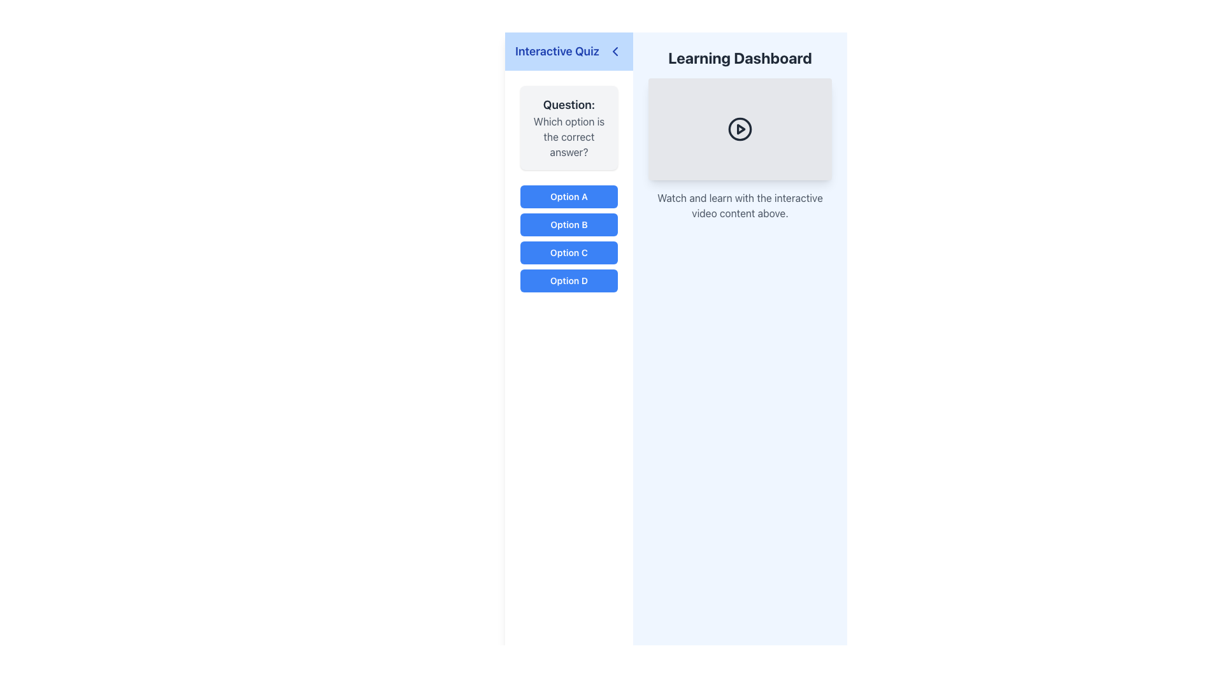 Image resolution: width=1223 pixels, height=688 pixels. Describe the element at coordinates (568, 280) in the screenshot. I see `the fourth button labeled 'Option D' in the Interactive Quiz sidebar` at that location.